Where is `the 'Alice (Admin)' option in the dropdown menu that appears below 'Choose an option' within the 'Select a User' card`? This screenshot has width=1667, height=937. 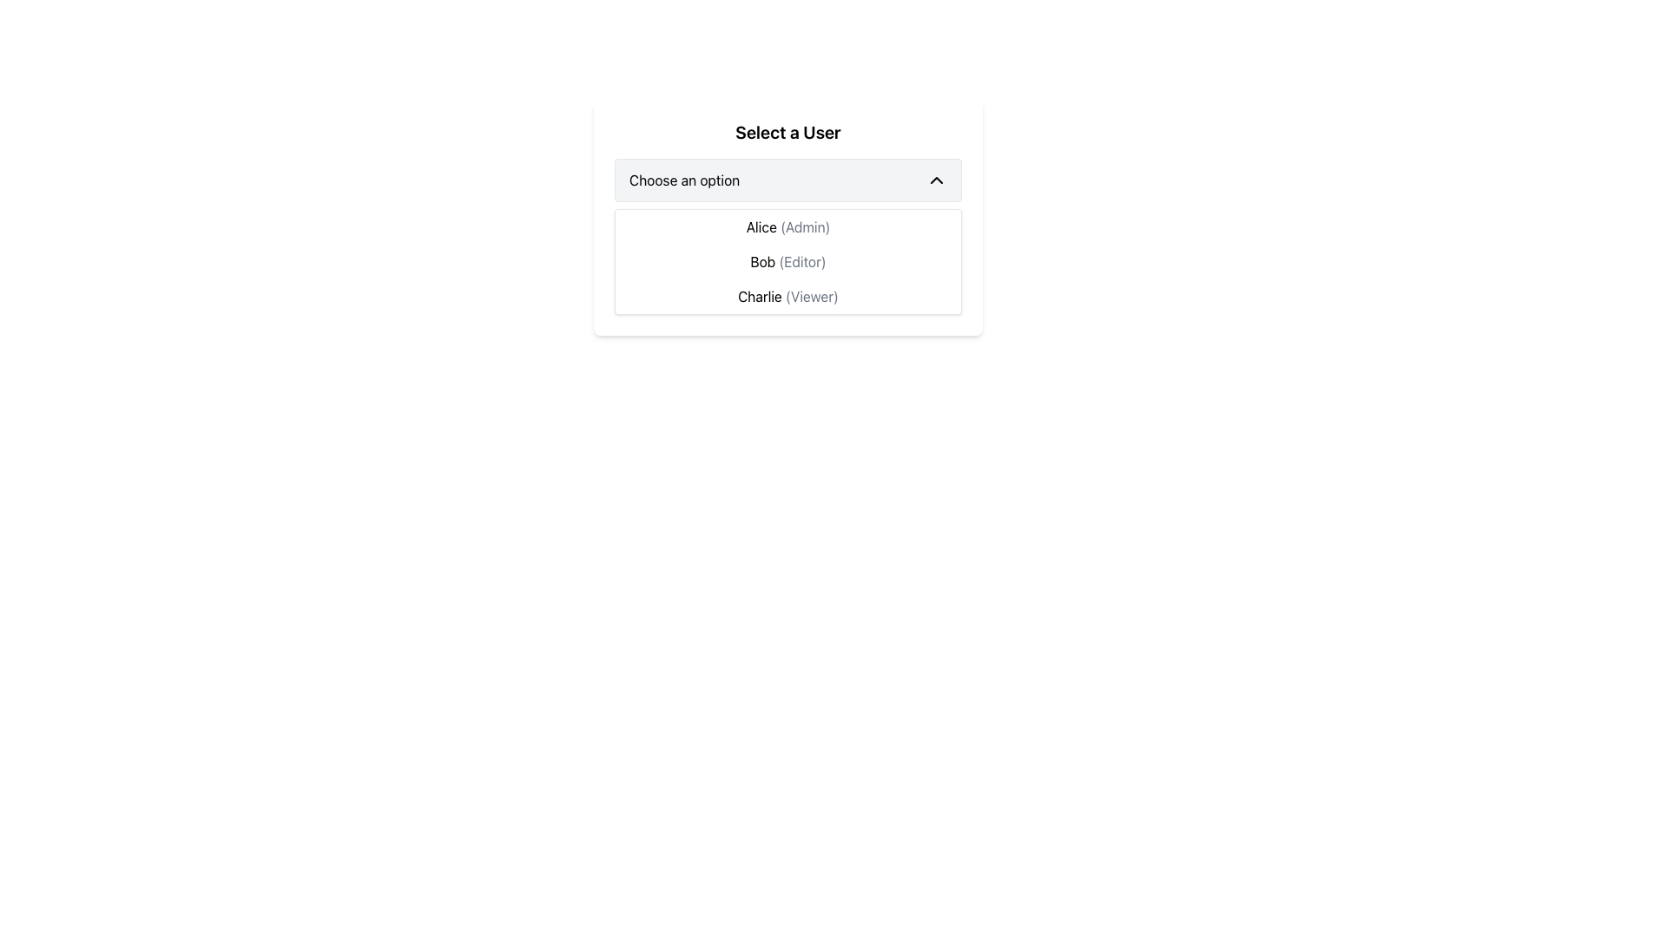 the 'Alice (Admin)' option in the dropdown menu that appears below 'Choose an option' within the 'Select a User' card is located at coordinates (787, 216).